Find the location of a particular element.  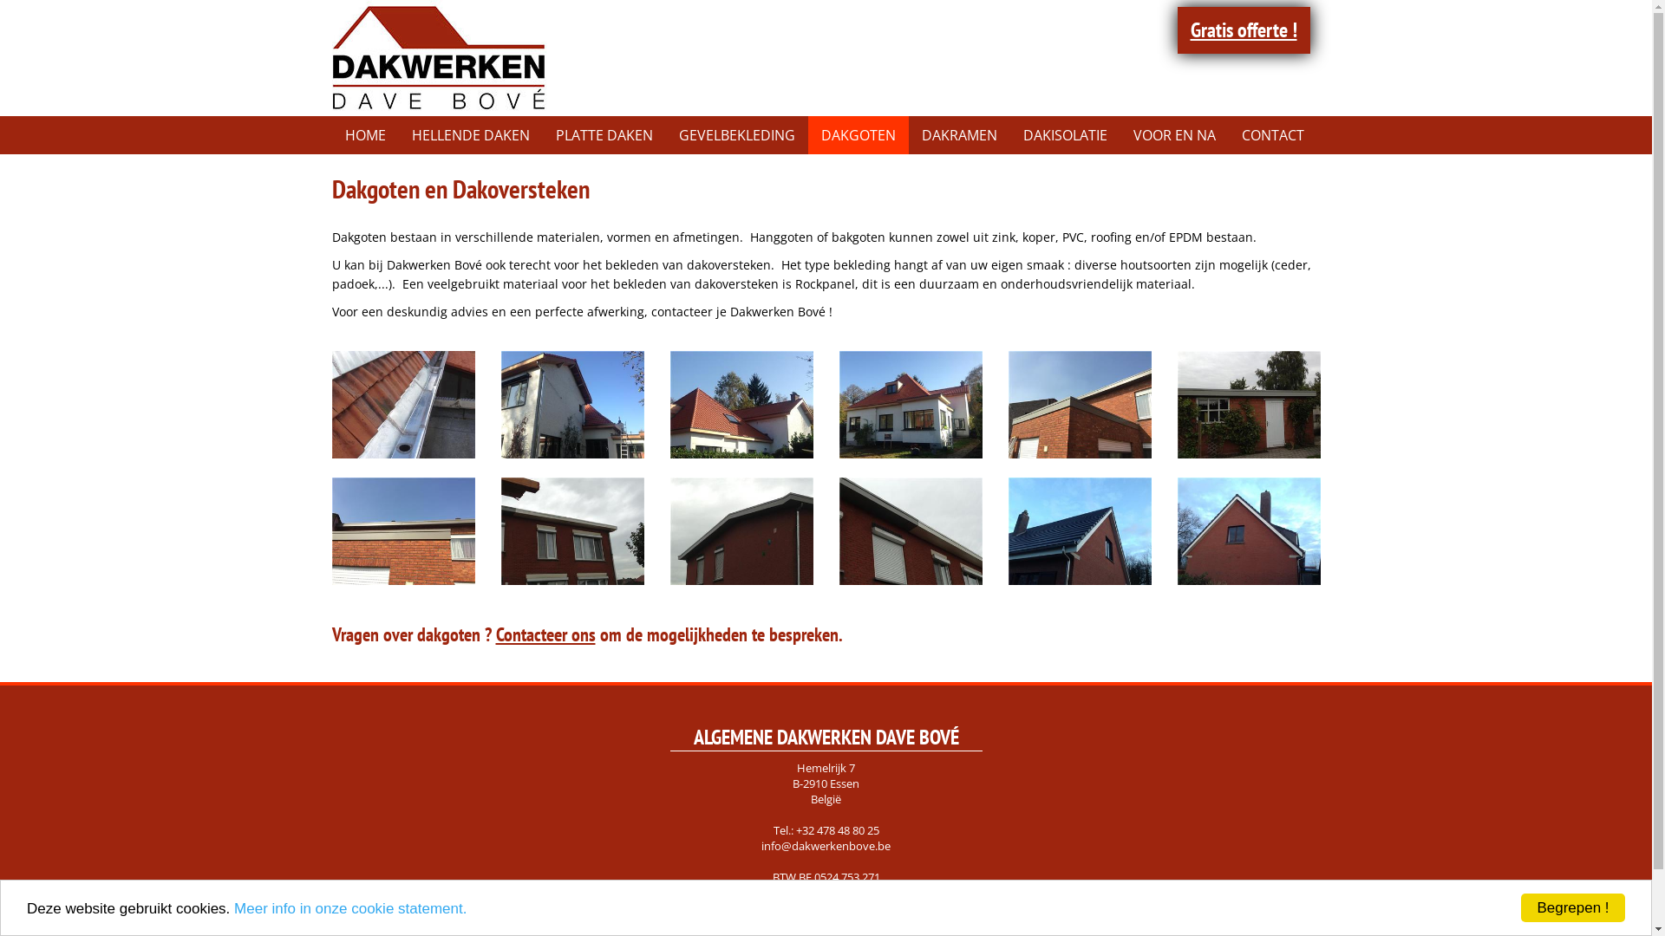

'DAKISOLATIE' is located at coordinates (1063, 133).